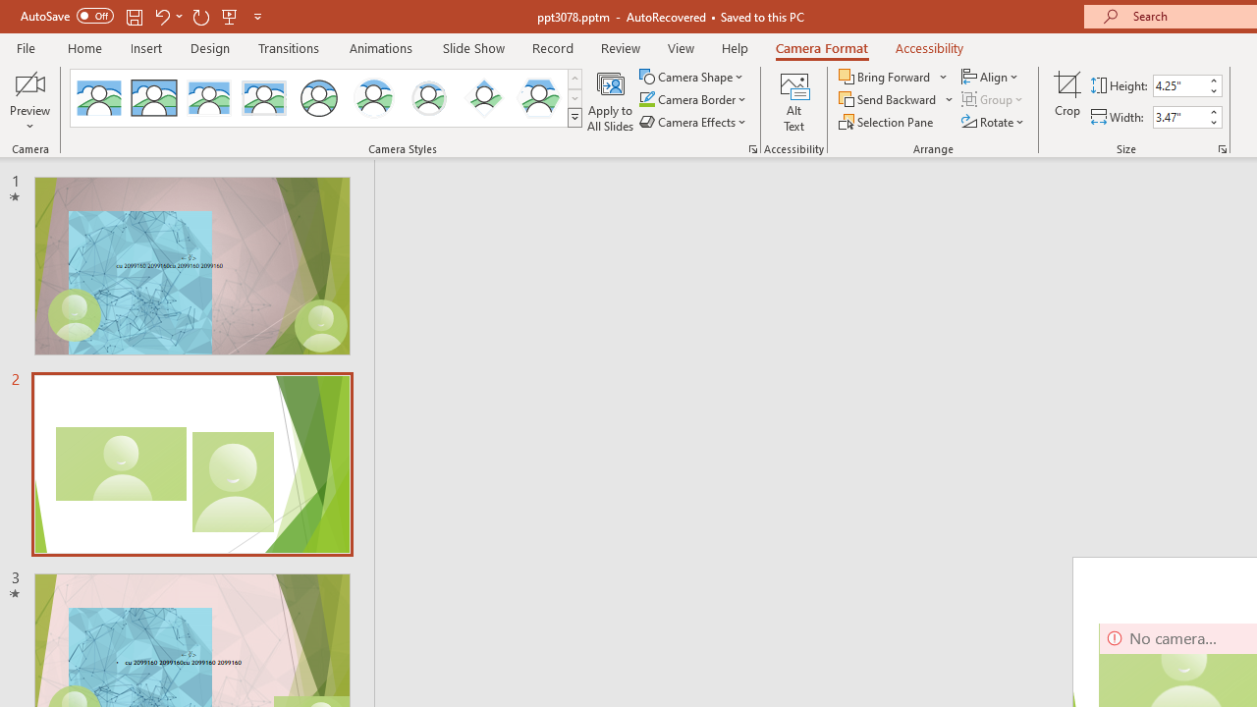  I want to click on 'Camera Border Green, Accent 1', so click(646, 99).